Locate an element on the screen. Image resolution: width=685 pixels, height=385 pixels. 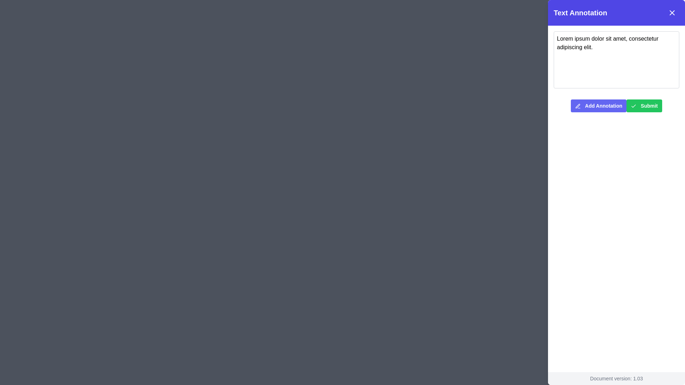
the small circular button with an 'X' icon in the center, located in the top-right corner of the 'Text Annotation' header, to change its color is located at coordinates (671, 12).